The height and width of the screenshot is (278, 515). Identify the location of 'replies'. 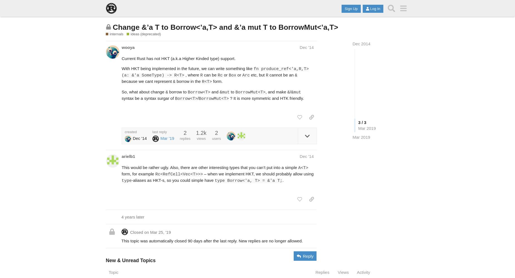
(179, 138).